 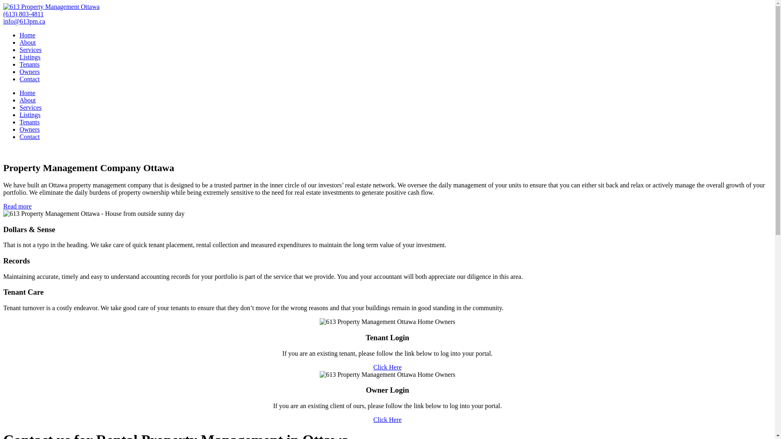 I want to click on 'Listings', so click(x=30, y=115).